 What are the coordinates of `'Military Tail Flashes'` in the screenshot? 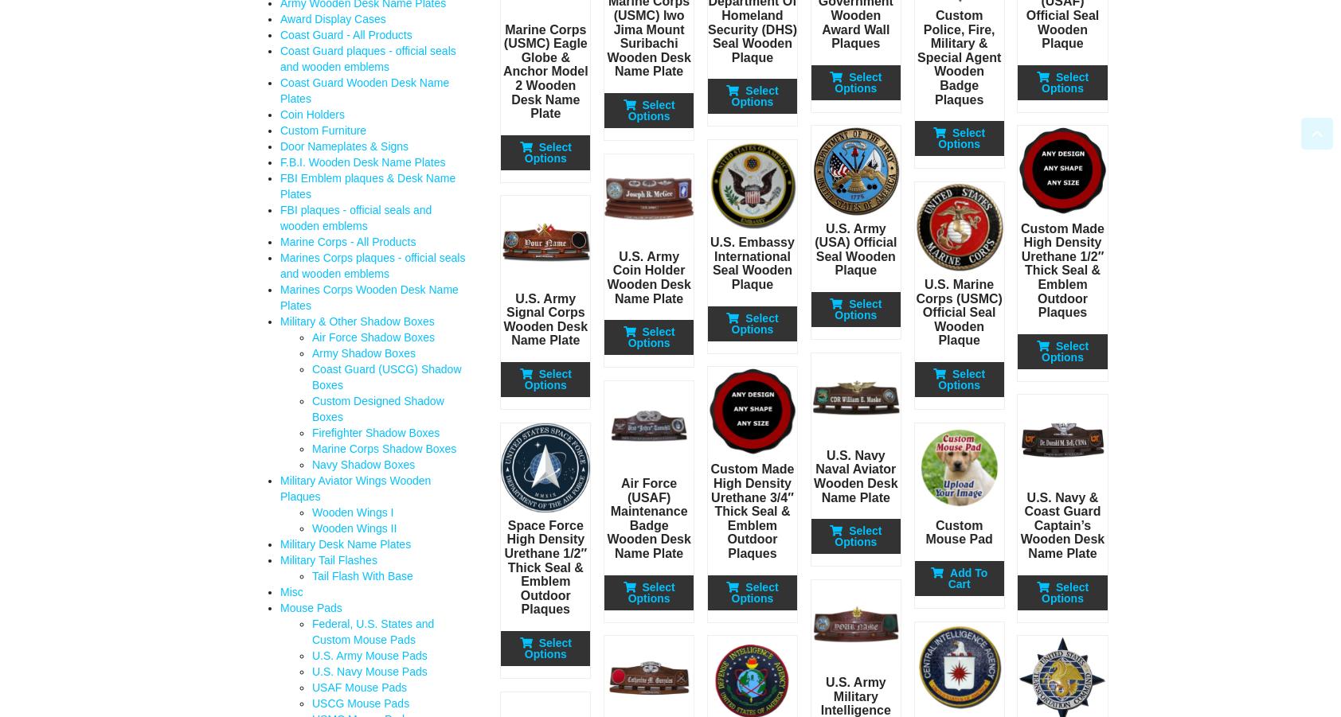 It's located at (328, 560).